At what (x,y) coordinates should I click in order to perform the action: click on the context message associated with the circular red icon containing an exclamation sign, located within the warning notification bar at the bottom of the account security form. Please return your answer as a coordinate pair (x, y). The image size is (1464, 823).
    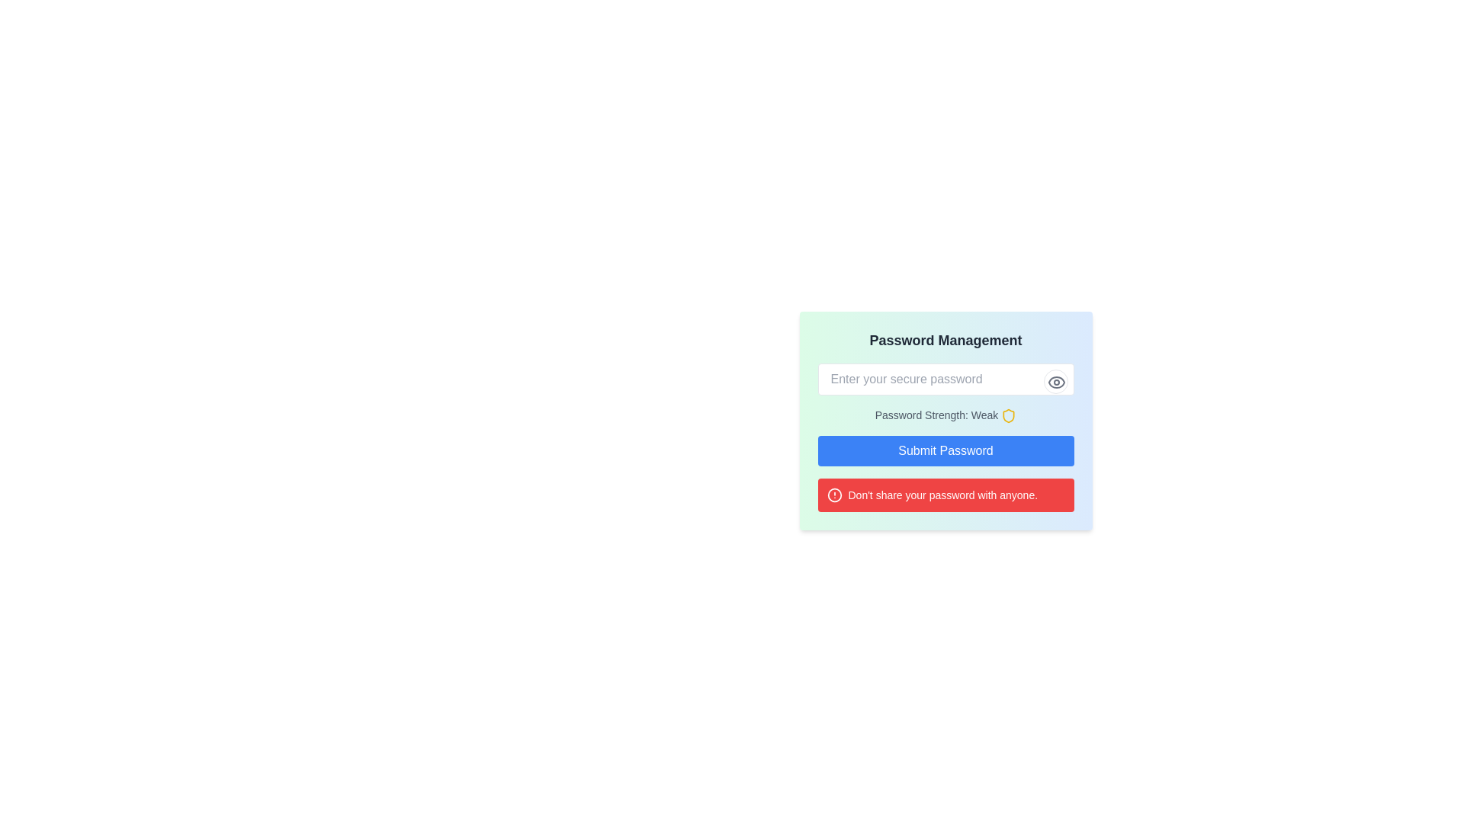
    Looking at the image, I should click on (833, 495).